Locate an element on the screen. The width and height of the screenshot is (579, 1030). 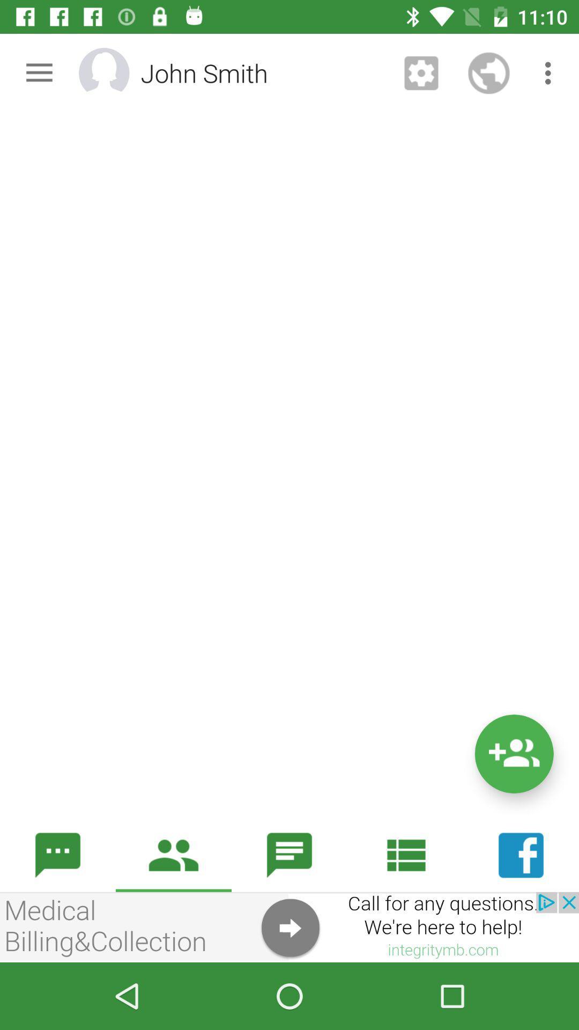
the follow icon is located at coordinates (514, 753).